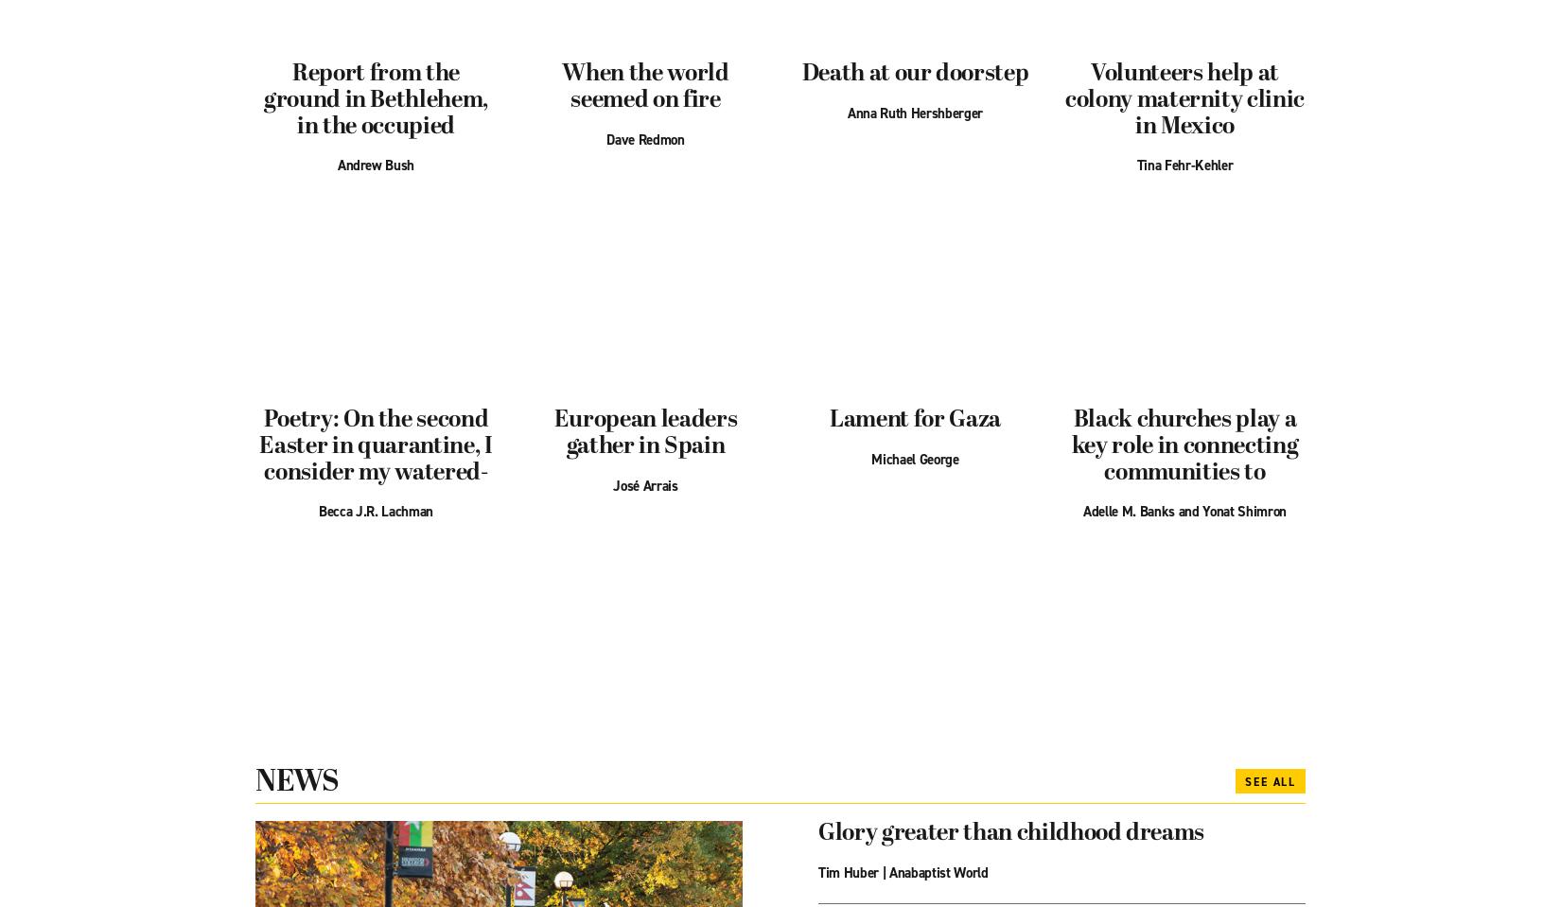 The height and width of the screenshot is (907, 1561). I want to click on 'Death at our doorstep', so click(915, 73).